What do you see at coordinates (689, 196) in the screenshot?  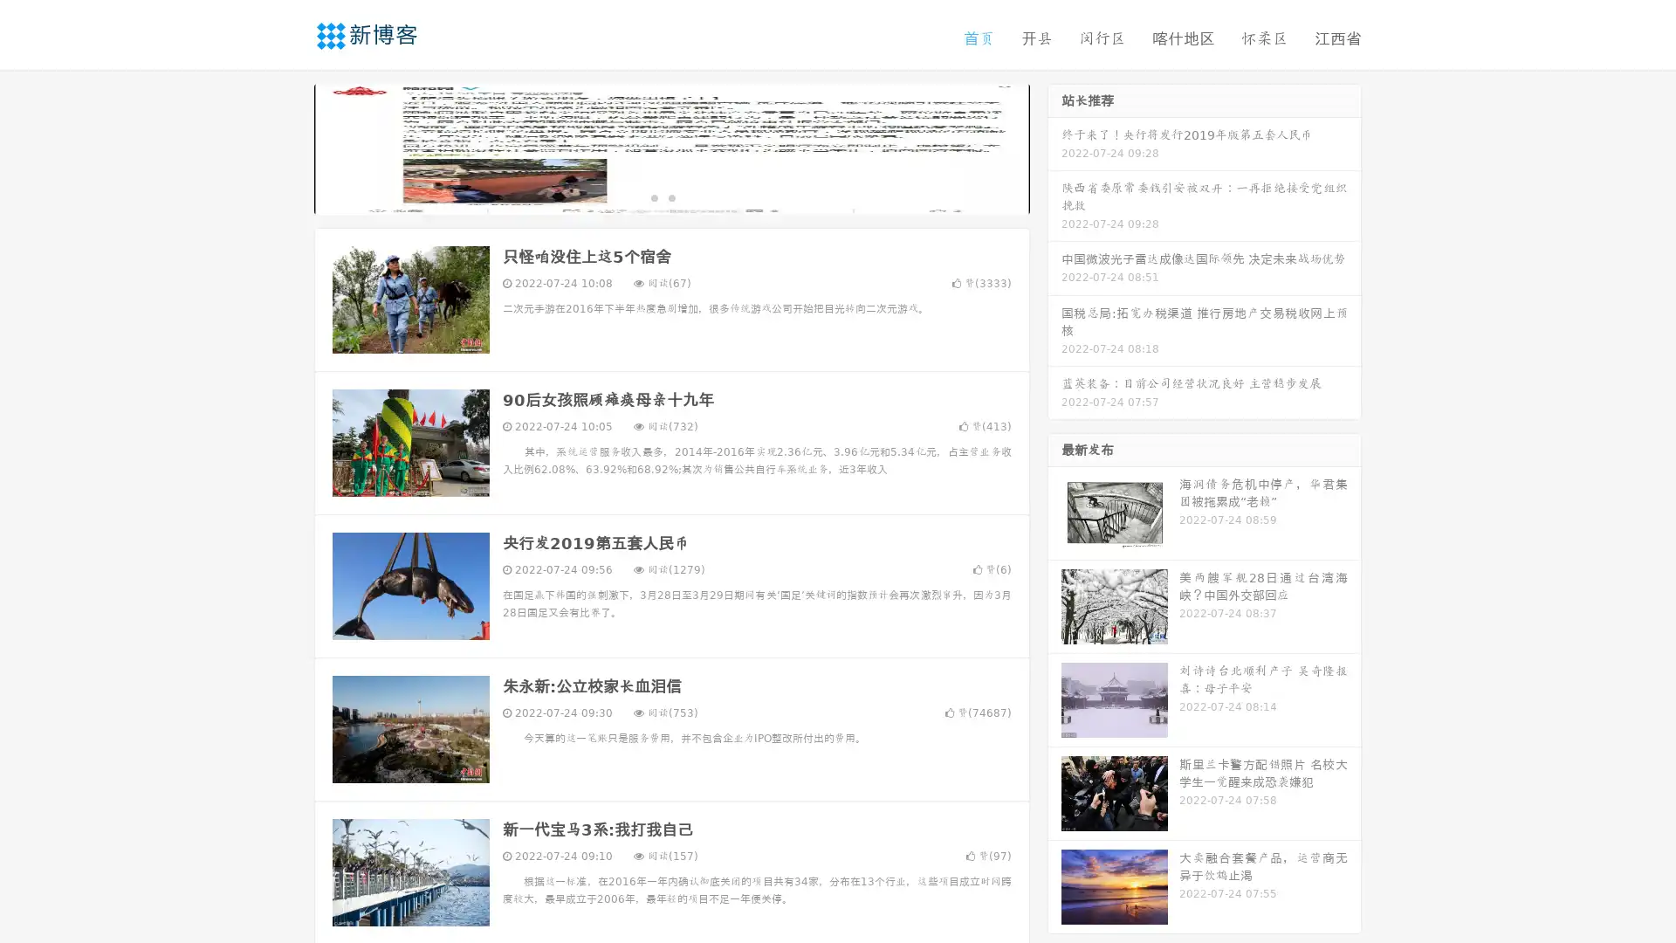 I see `Go to slide 3` at bounding box center [689, 196].